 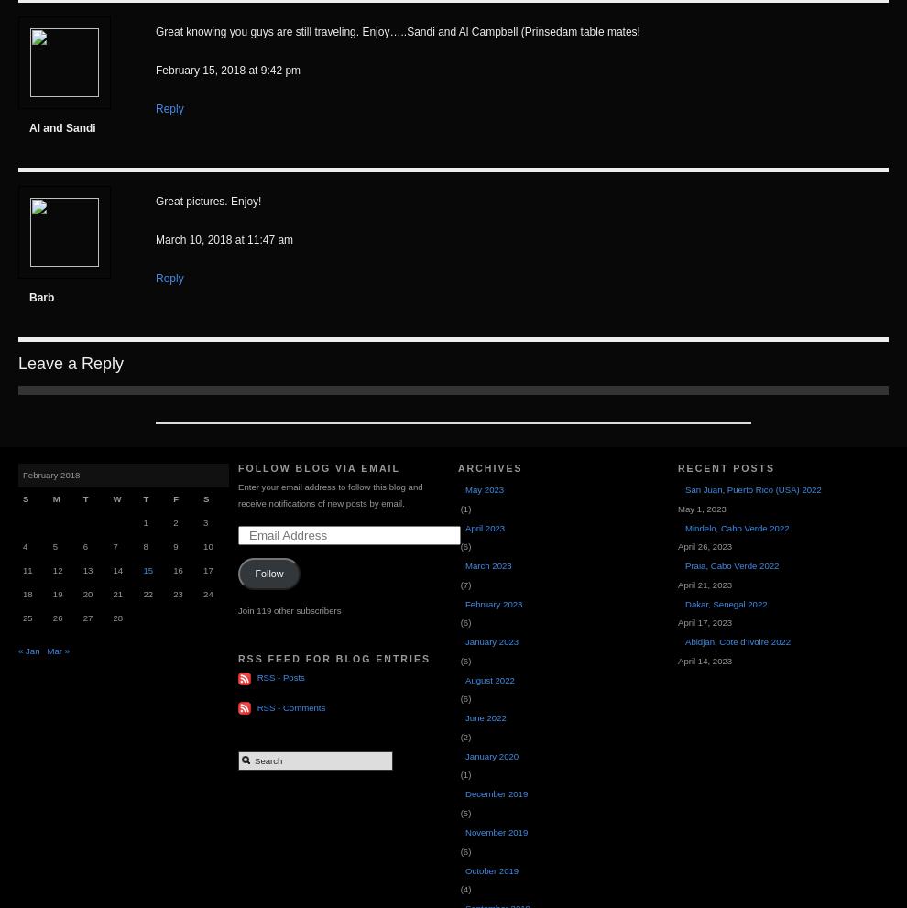 I want to click on '(4)', so click(x=463, y=889).